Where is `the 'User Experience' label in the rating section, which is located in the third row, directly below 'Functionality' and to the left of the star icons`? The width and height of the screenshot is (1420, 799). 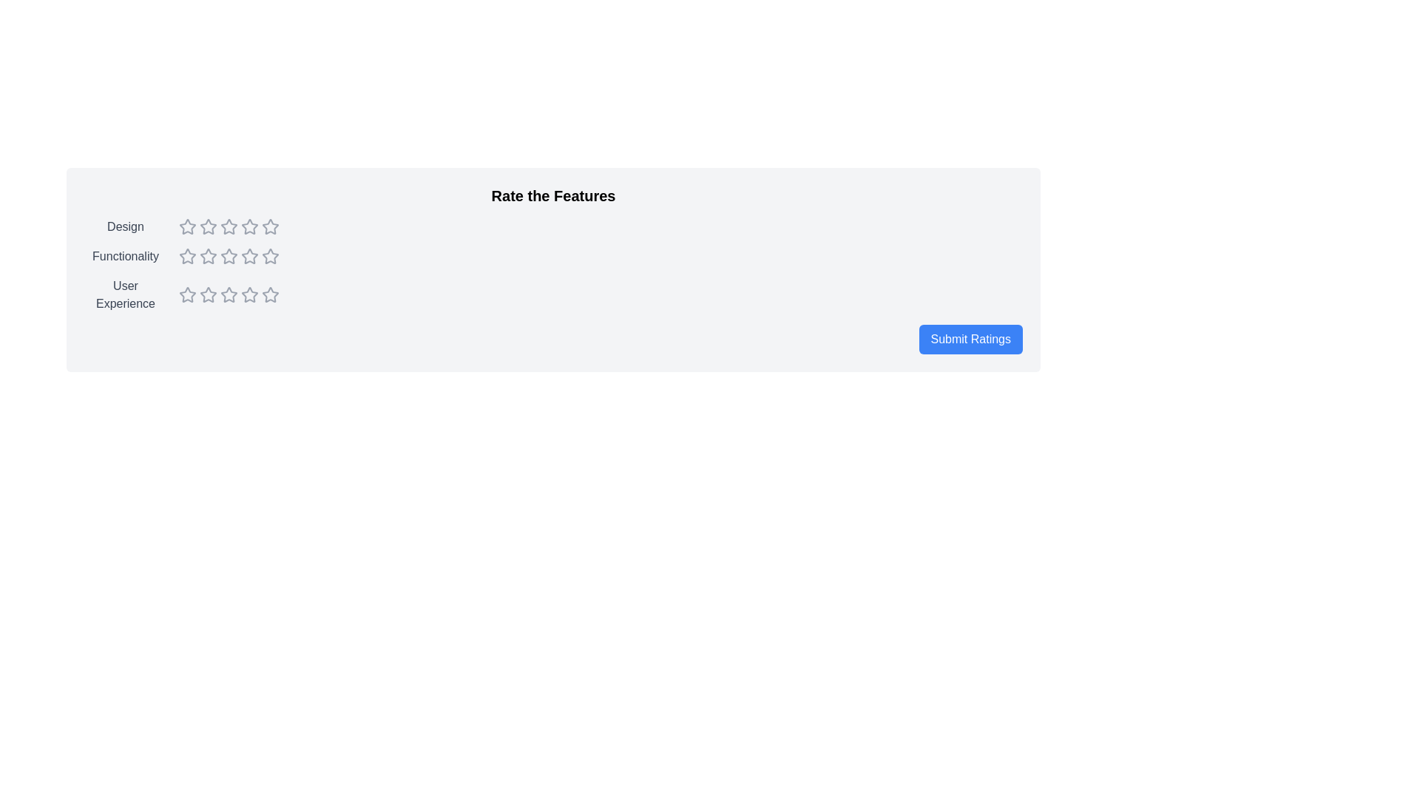 the 'User Experience' label in the rating section, which is located in the third row, directly below 'Functionality' and to the left of the star icons is located at coordinates (125, 294).